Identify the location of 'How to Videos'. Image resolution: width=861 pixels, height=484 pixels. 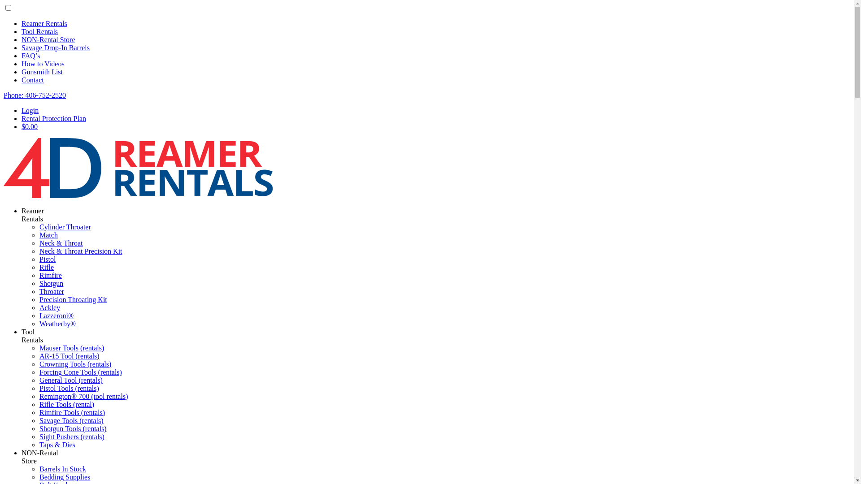
(22, 63).